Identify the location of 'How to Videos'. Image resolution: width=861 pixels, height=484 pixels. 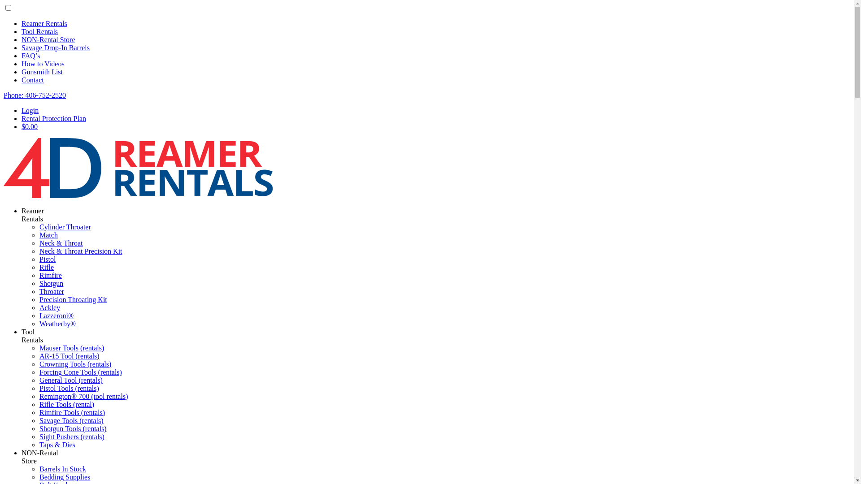
(22, 63).